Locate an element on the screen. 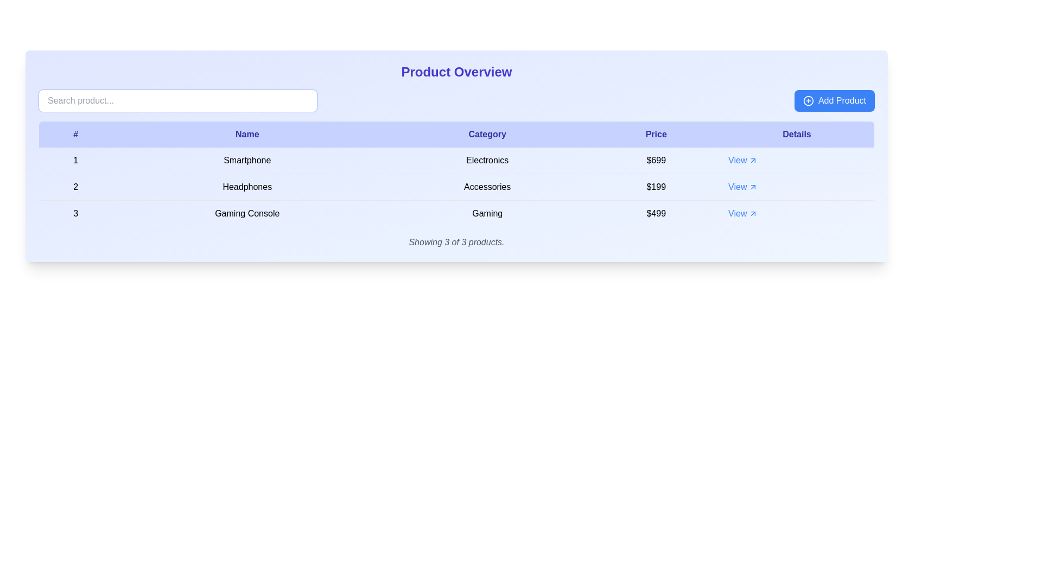 Image resolution: width=1042 pixels, height=586 pixels. the 'Price' column header text label, which indicates that the corresponding column contains prices is located at coordinates (656, 133).